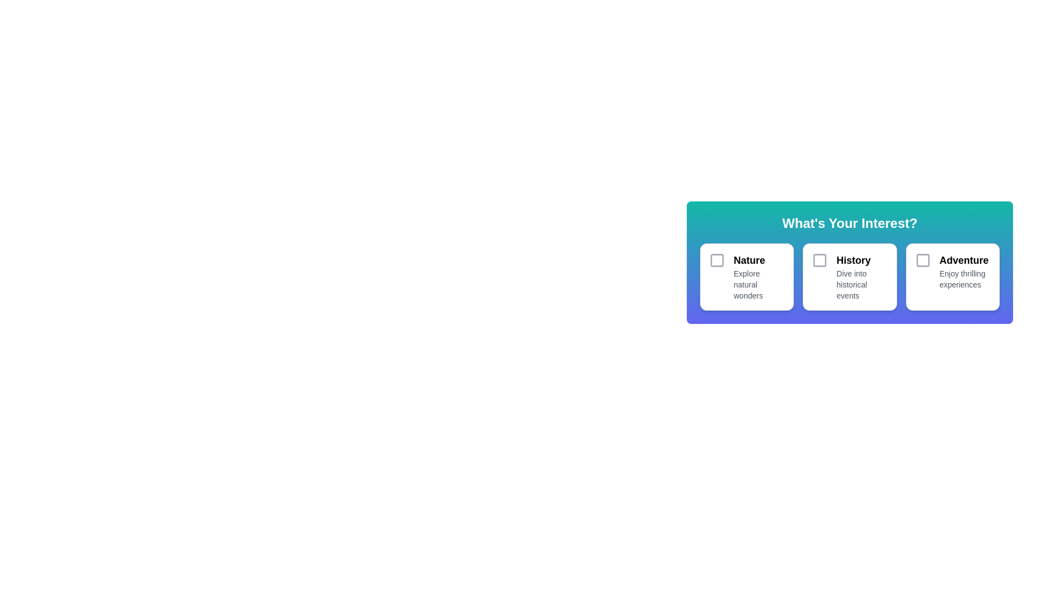  I want to click on the checkbox on the third selectable card in the grid, so click(952, 276).